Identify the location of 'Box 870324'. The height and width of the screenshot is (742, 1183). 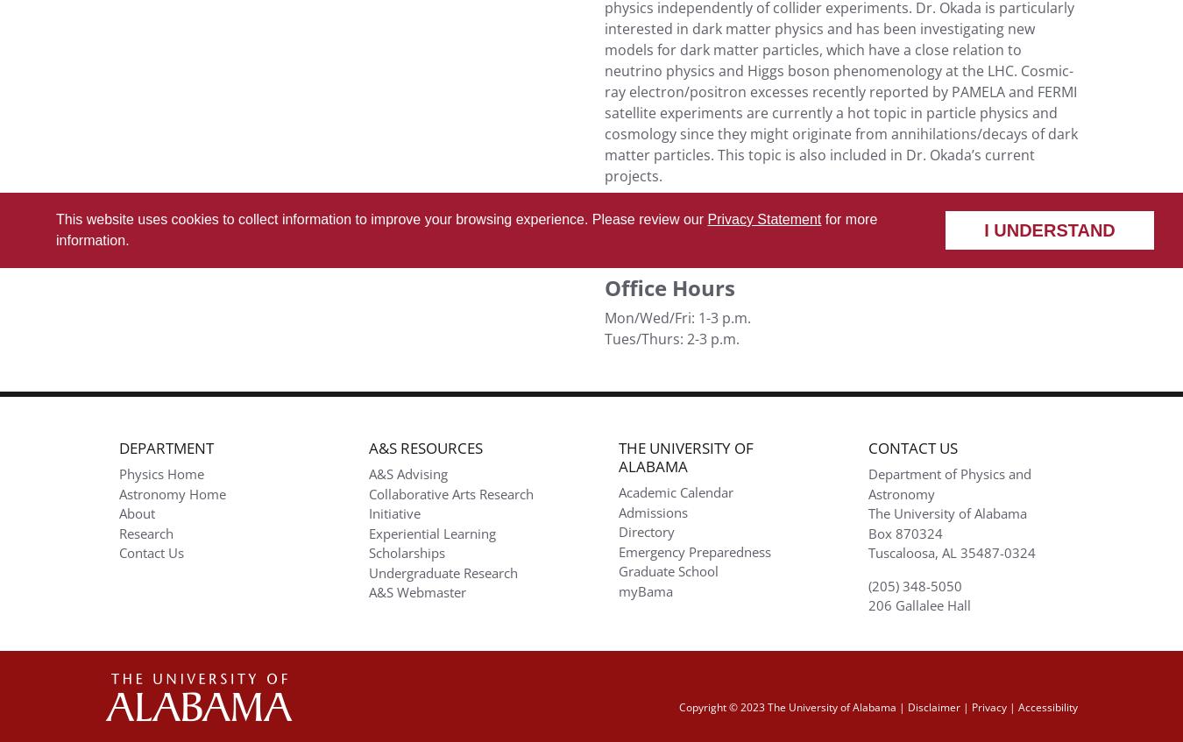
(905, 531).